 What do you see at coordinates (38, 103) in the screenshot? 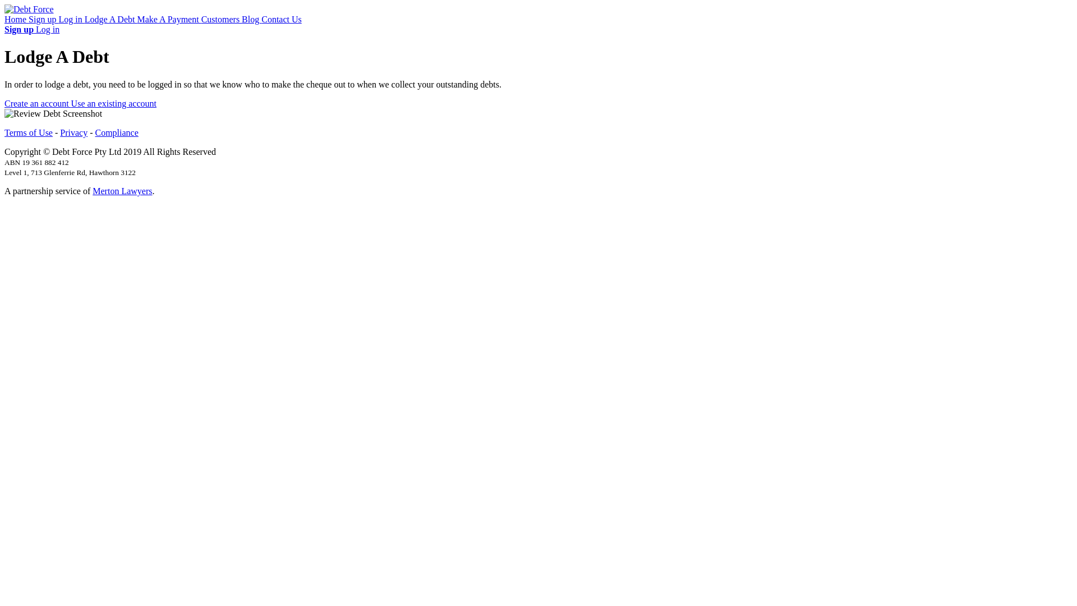
I see `'Create an account'` at bounding box center [38, 103].